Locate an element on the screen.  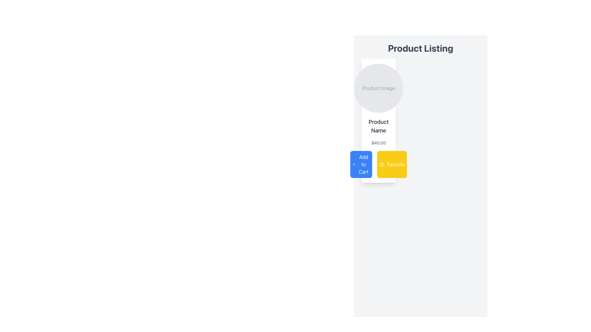
the favorite icon located in the bottom-right corner of the product listing card is located at coordinates (382, 164).